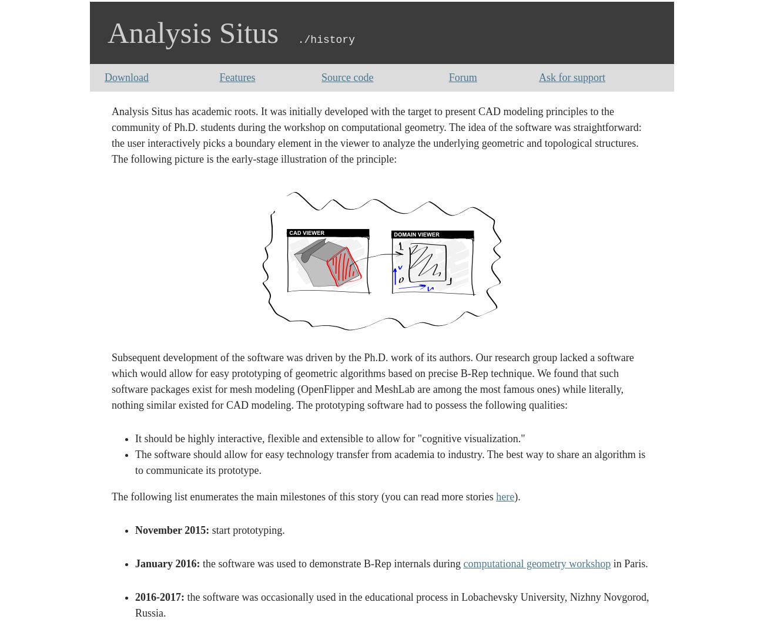 This screenshot has width=764, height=626. What do you see at coordinates (538, 76) in the screenshot?
I see `'Ask for support'` at bounding box center [538, 76].